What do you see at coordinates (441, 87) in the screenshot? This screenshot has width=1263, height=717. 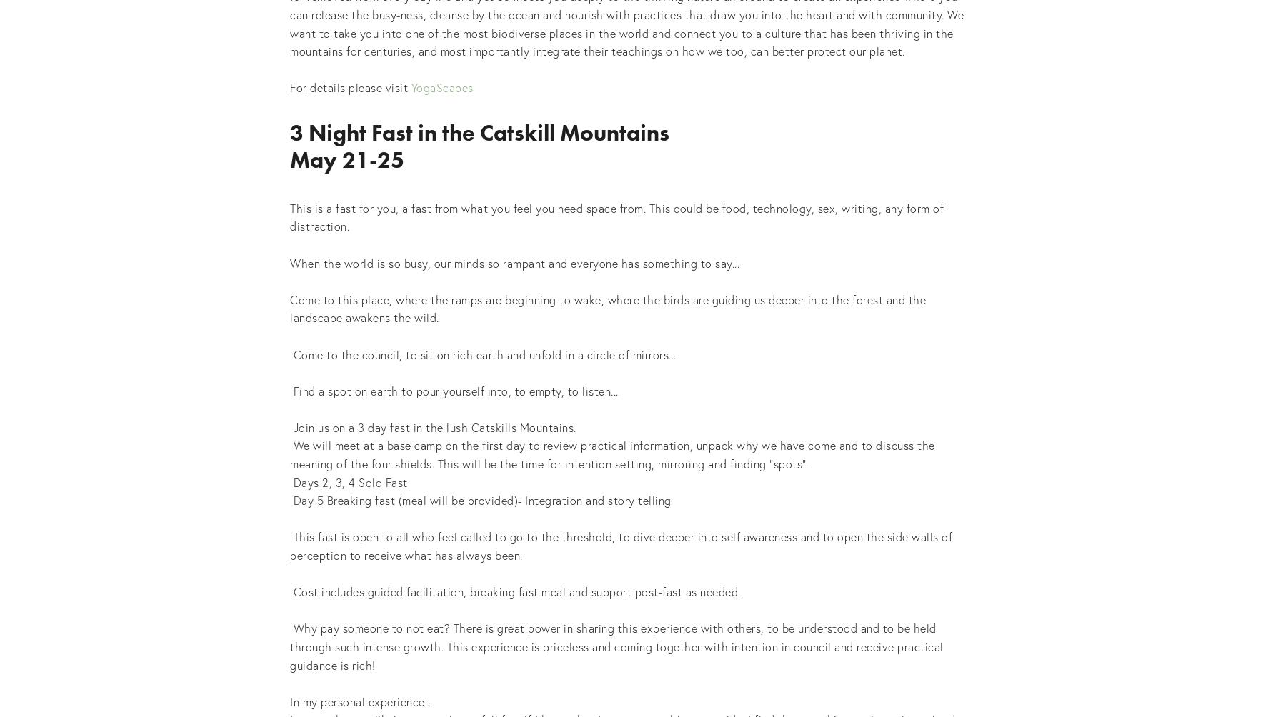 I see `'YogaScapes'` at bounding box center [441, 87].